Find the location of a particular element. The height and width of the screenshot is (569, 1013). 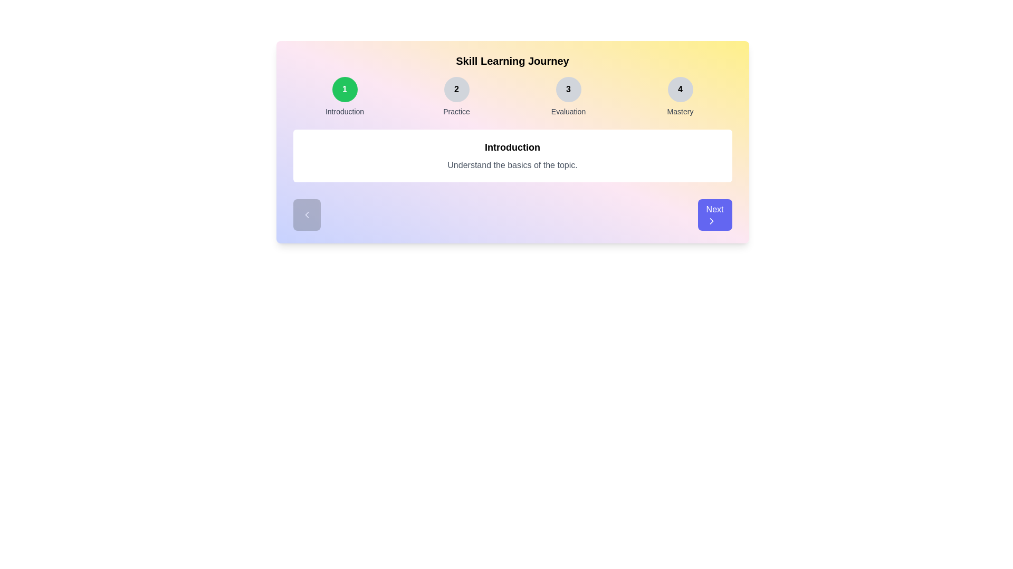

the 'Next' button to navigate to the next step is located at coordinates (714, 214).